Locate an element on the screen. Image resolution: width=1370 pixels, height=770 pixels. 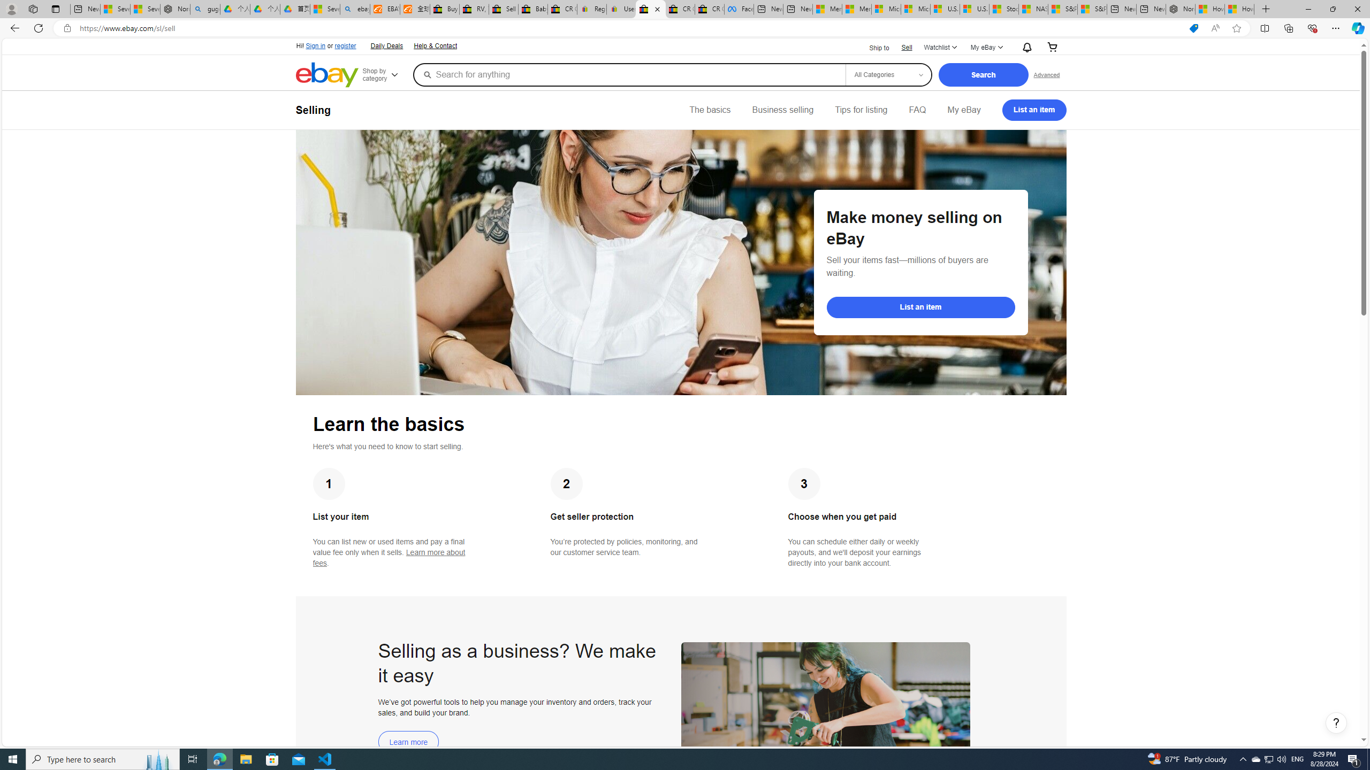
'Advanced Search' is located at coordinates (1046, 74).